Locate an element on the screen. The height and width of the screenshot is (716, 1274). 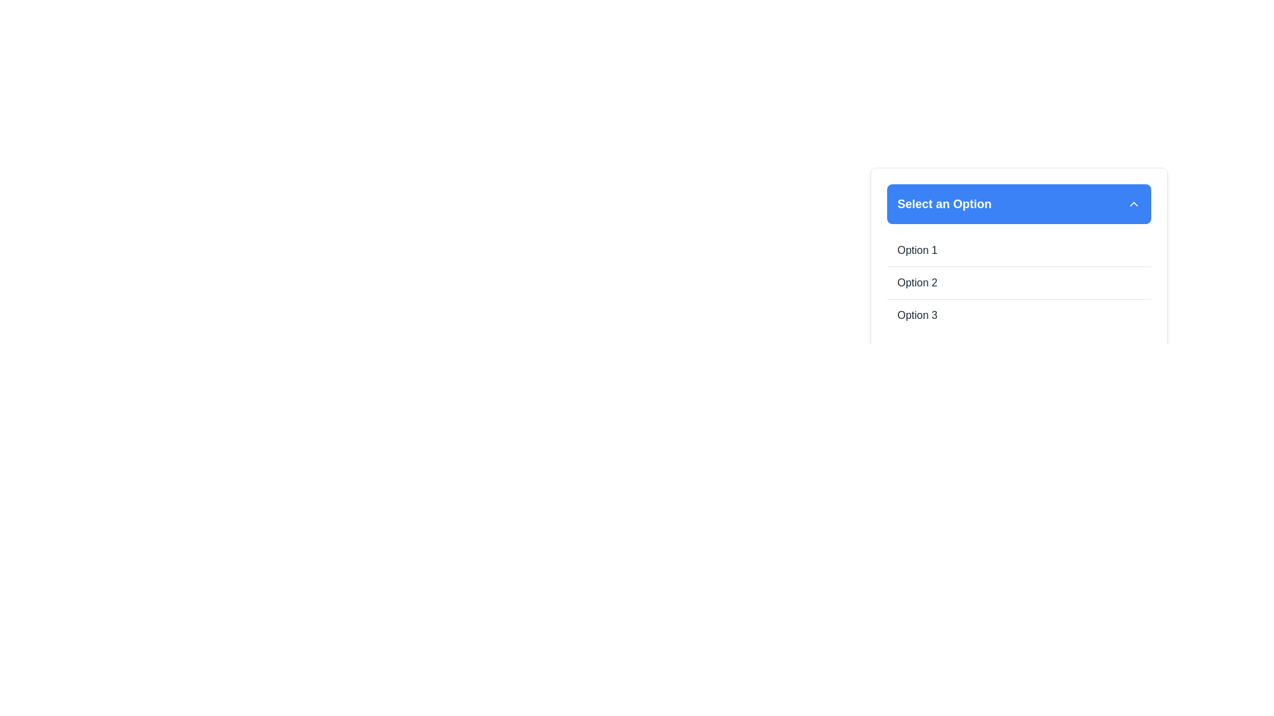
the third item in the dropdown menu is located at coordinates (1018, 315).